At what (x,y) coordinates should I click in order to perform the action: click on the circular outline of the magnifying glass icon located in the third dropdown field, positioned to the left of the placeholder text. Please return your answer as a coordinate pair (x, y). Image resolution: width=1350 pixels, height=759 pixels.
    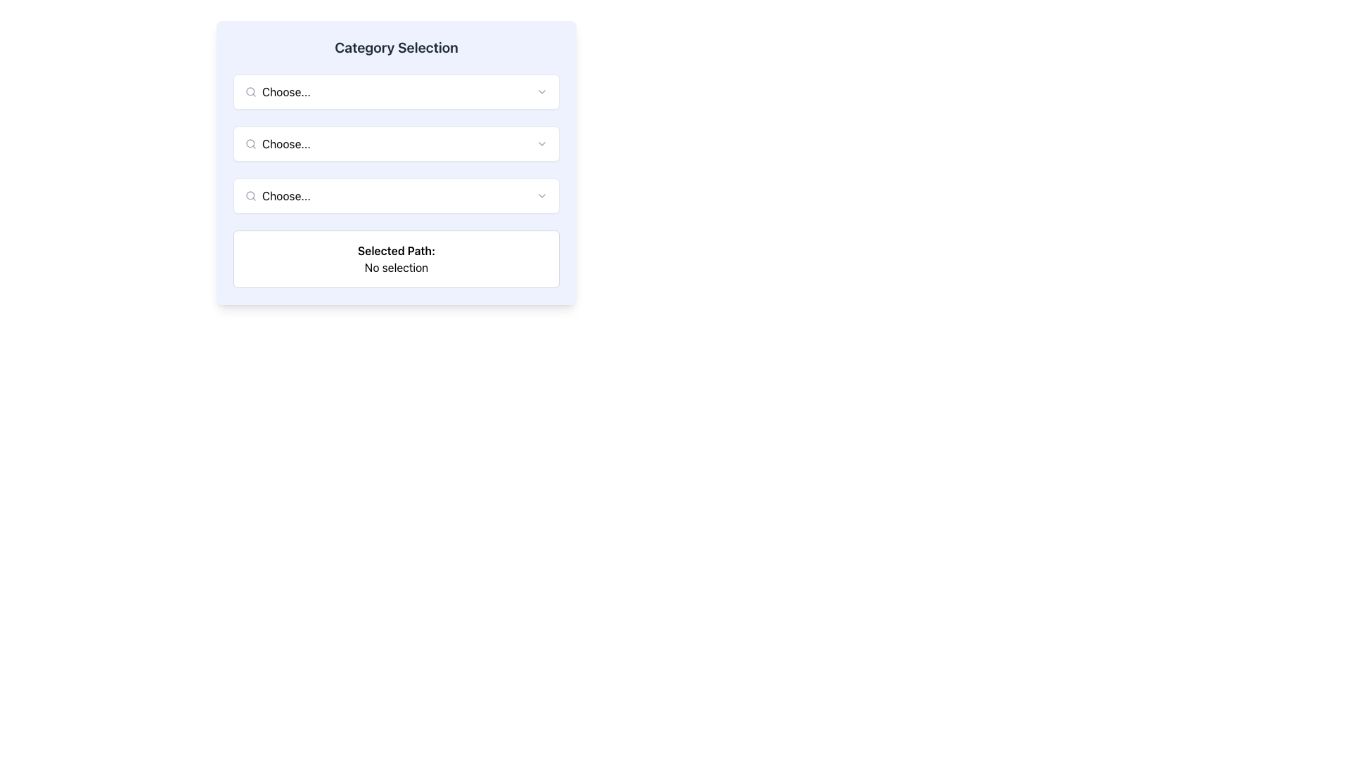
    Looking at the image, I should click on (250, 195).